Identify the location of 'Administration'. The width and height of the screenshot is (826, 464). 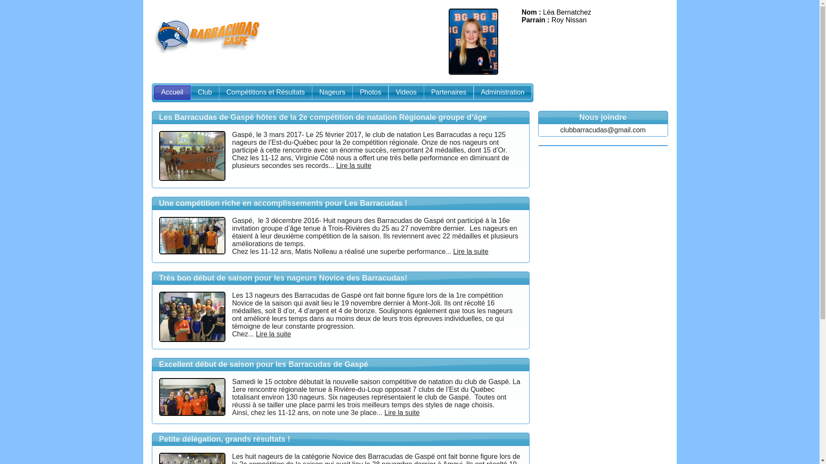
(502, 92).